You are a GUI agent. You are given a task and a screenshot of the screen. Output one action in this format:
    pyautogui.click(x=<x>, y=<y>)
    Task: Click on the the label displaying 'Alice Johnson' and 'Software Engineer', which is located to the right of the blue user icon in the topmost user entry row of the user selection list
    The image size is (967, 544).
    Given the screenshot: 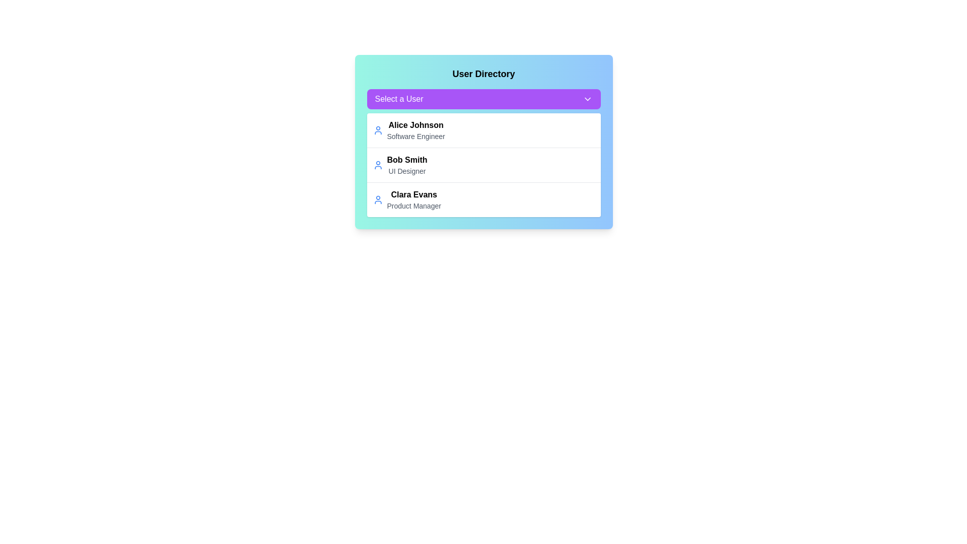 What is the action you would take?
    pyautogui.click(x=416, y=129)
    